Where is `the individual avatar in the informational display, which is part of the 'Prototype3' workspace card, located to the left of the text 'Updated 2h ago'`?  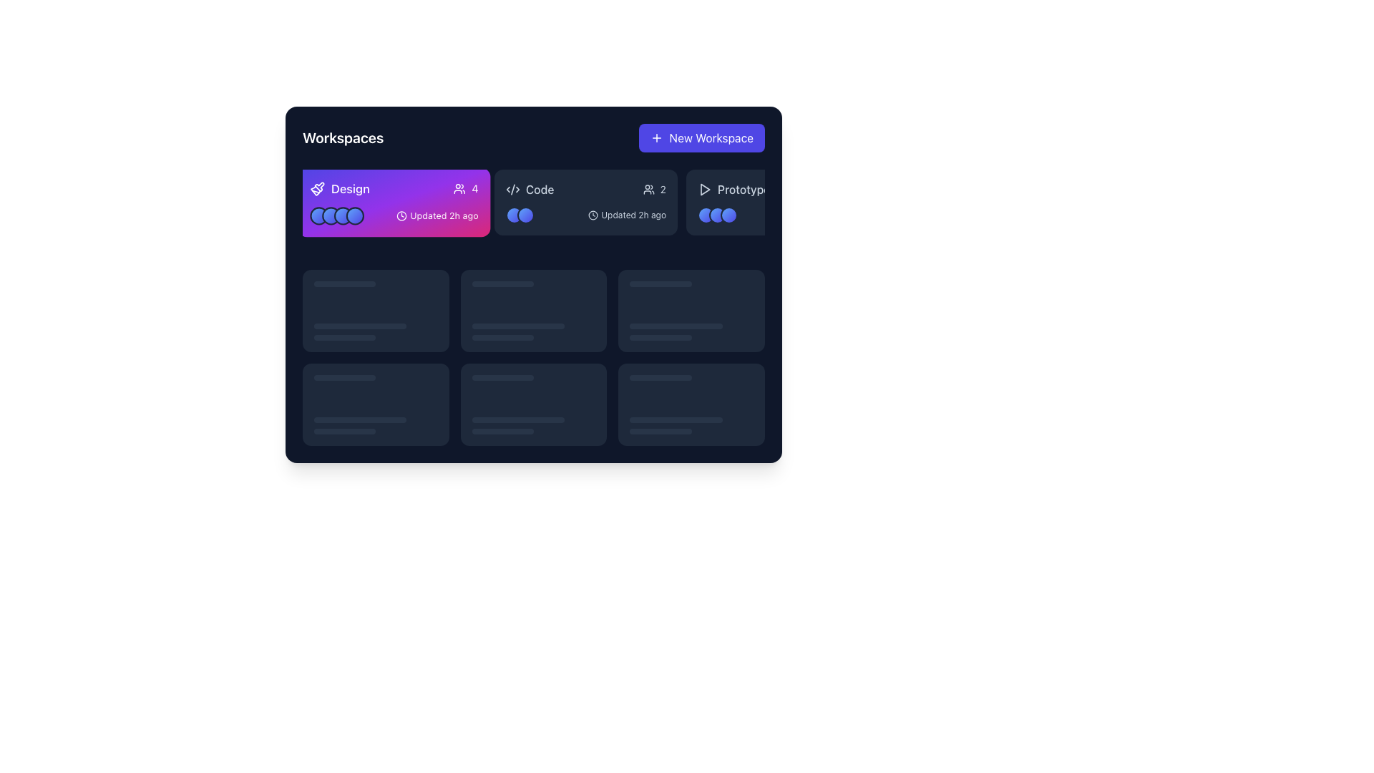 the individual avatar in the informational display, which is part of the 'Prototype3' workspace card, located to the left of the text 'Updated 2h ago' is located at coordinates (776, 215).